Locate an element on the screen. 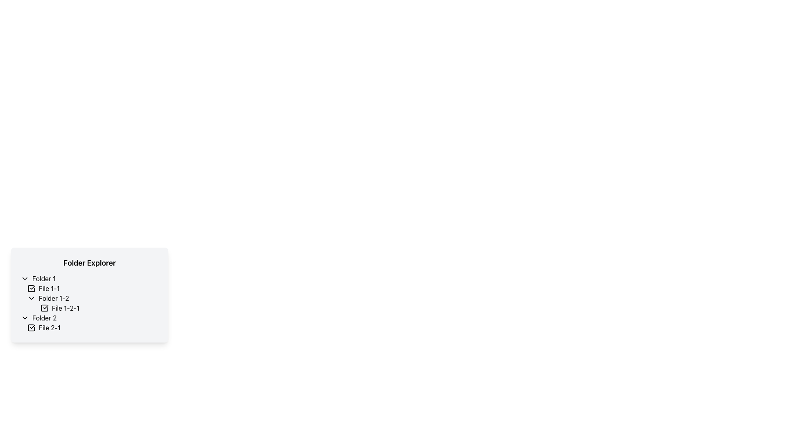 Image resolution: width=786 pixels, height=442 pixels. the text label UI component displaying 'File 1-1' within the 'Folder 1' category is located at coordinates (49, 288).